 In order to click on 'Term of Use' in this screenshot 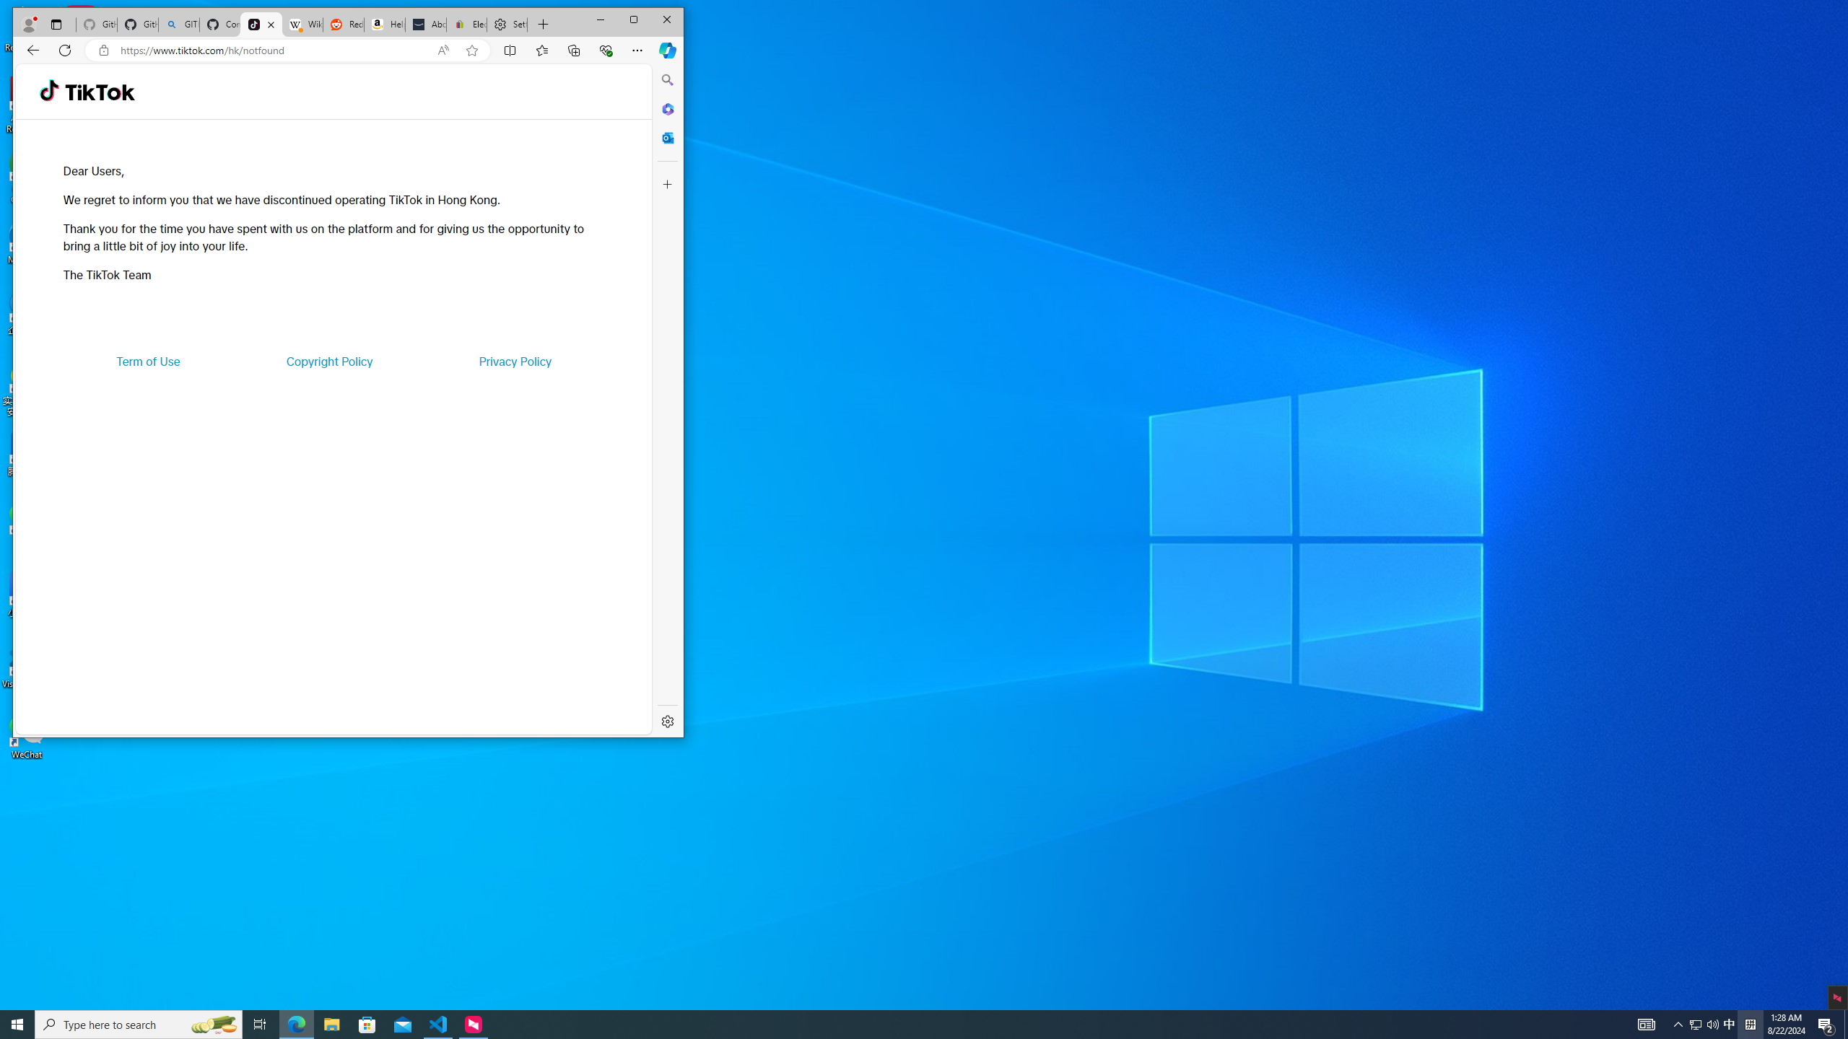, I will do `click(148, 361)`.